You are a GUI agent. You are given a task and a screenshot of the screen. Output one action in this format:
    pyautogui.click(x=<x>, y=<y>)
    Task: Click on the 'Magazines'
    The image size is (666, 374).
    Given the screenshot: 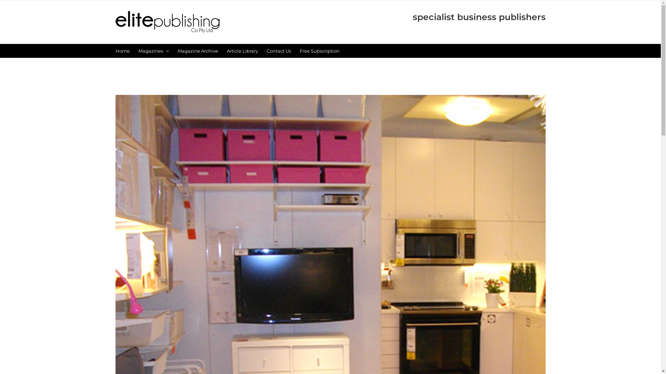 What is the action you would take?
    pyautogui.click(x=153, y=50)
    